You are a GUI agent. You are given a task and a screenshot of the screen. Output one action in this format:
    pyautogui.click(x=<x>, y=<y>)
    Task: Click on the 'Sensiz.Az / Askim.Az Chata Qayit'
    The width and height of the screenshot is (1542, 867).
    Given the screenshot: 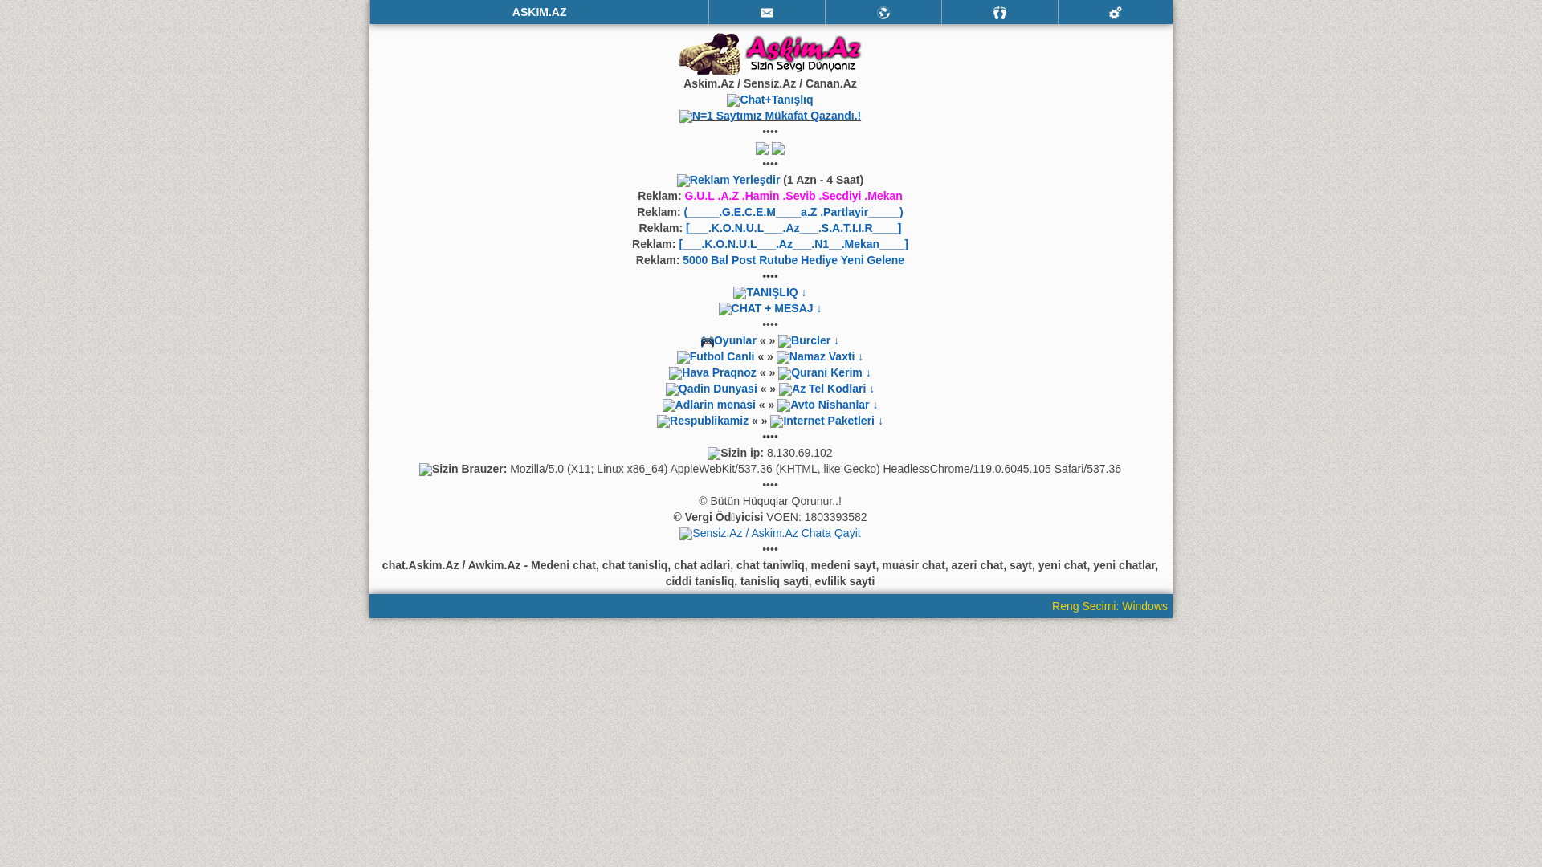 What is the action you would take?
    pyautogui.click(x=776, y=532)
    